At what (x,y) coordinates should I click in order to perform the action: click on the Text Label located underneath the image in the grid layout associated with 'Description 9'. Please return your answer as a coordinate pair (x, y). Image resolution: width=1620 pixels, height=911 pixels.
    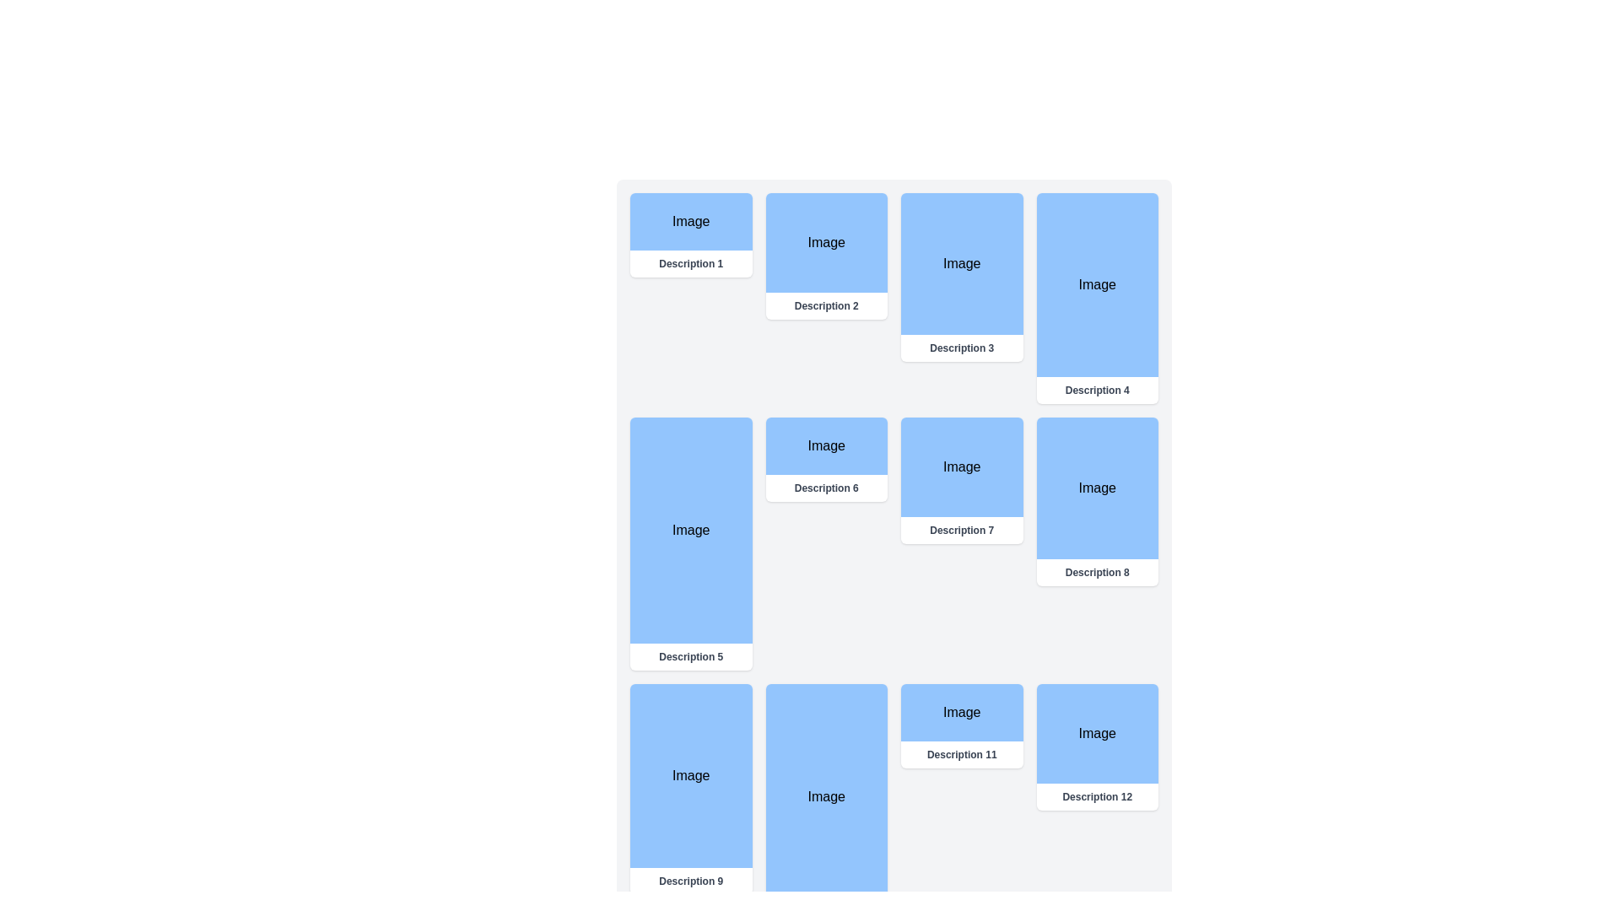
    Looking at the image, I should click on (691, 881).